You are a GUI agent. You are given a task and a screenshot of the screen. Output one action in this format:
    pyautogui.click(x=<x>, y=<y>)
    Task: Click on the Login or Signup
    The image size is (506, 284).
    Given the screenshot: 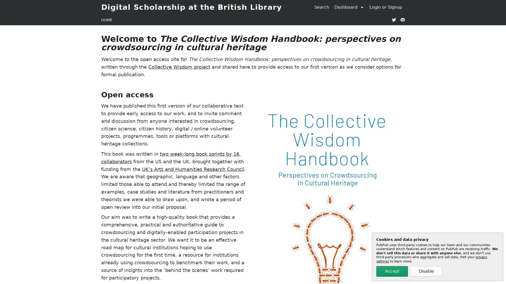 What is the action you would take?
    pyautogui.click(x=386, y=7)
    